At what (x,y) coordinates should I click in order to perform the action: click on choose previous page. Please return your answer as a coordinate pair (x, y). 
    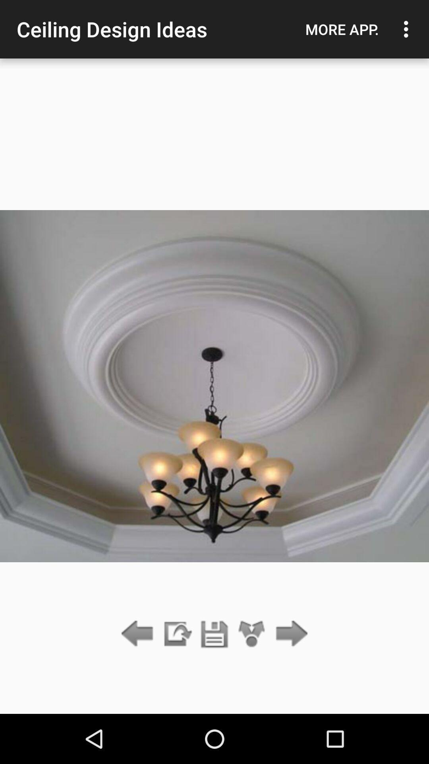
    Looking at the image, I should click on (139, 634).